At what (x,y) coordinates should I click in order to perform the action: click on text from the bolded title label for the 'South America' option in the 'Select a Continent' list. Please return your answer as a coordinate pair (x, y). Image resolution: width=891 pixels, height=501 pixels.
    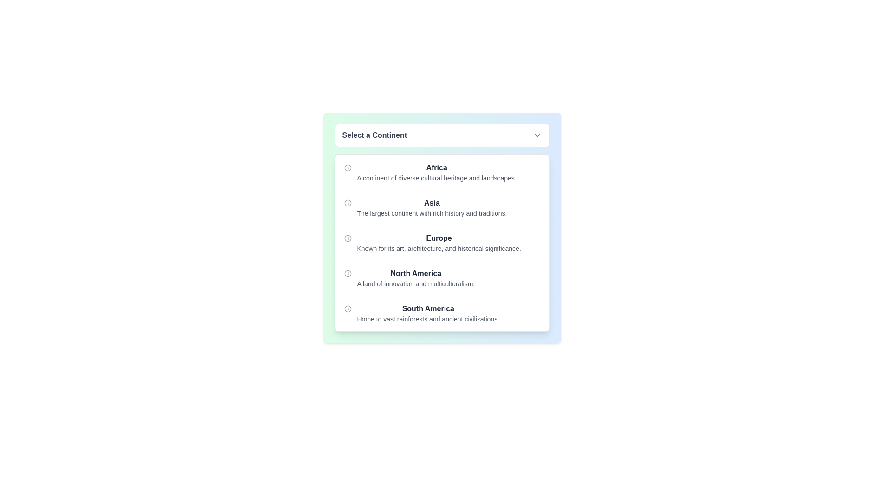
    Looking at the image, I should click on (427, 309).